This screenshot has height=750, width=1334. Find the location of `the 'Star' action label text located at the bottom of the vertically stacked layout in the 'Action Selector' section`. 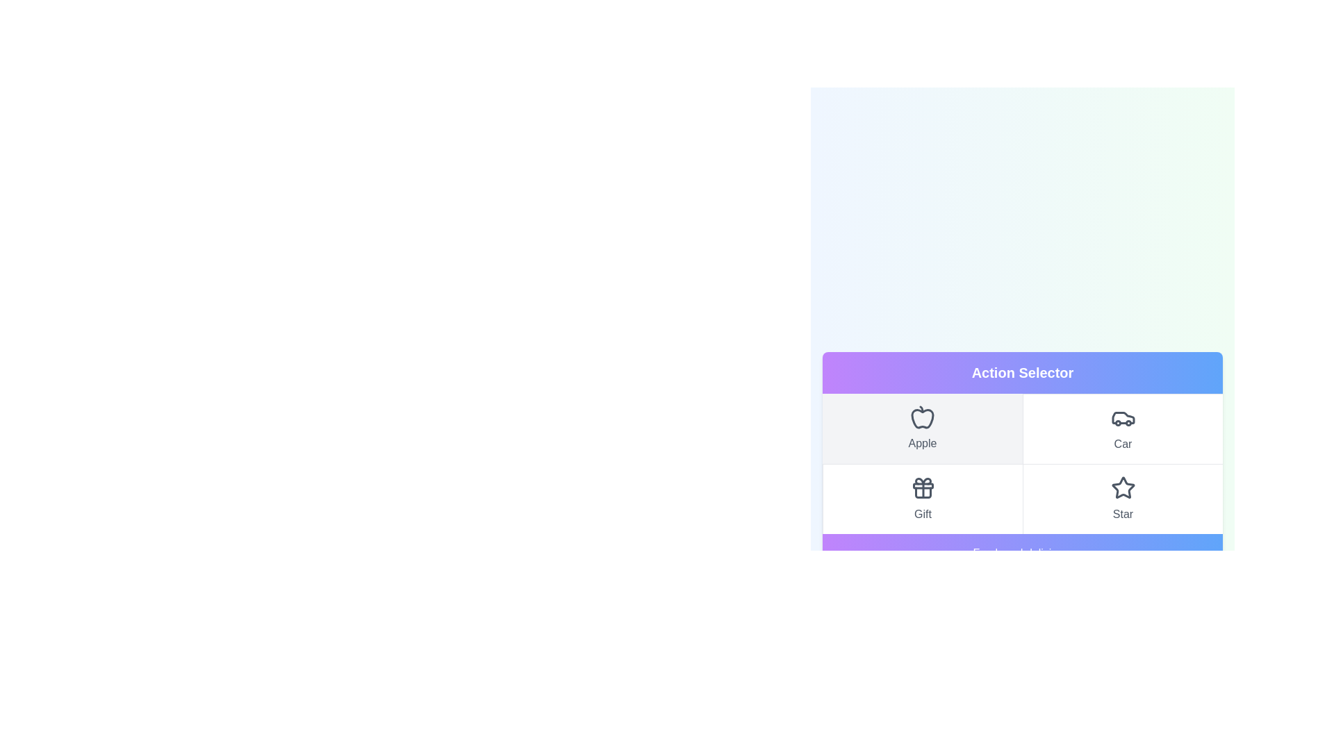

the 'Star' action label text located at the bottom of the vertically stacked layout in the 'Action Selector' section is located at coordinates (1123, 514).